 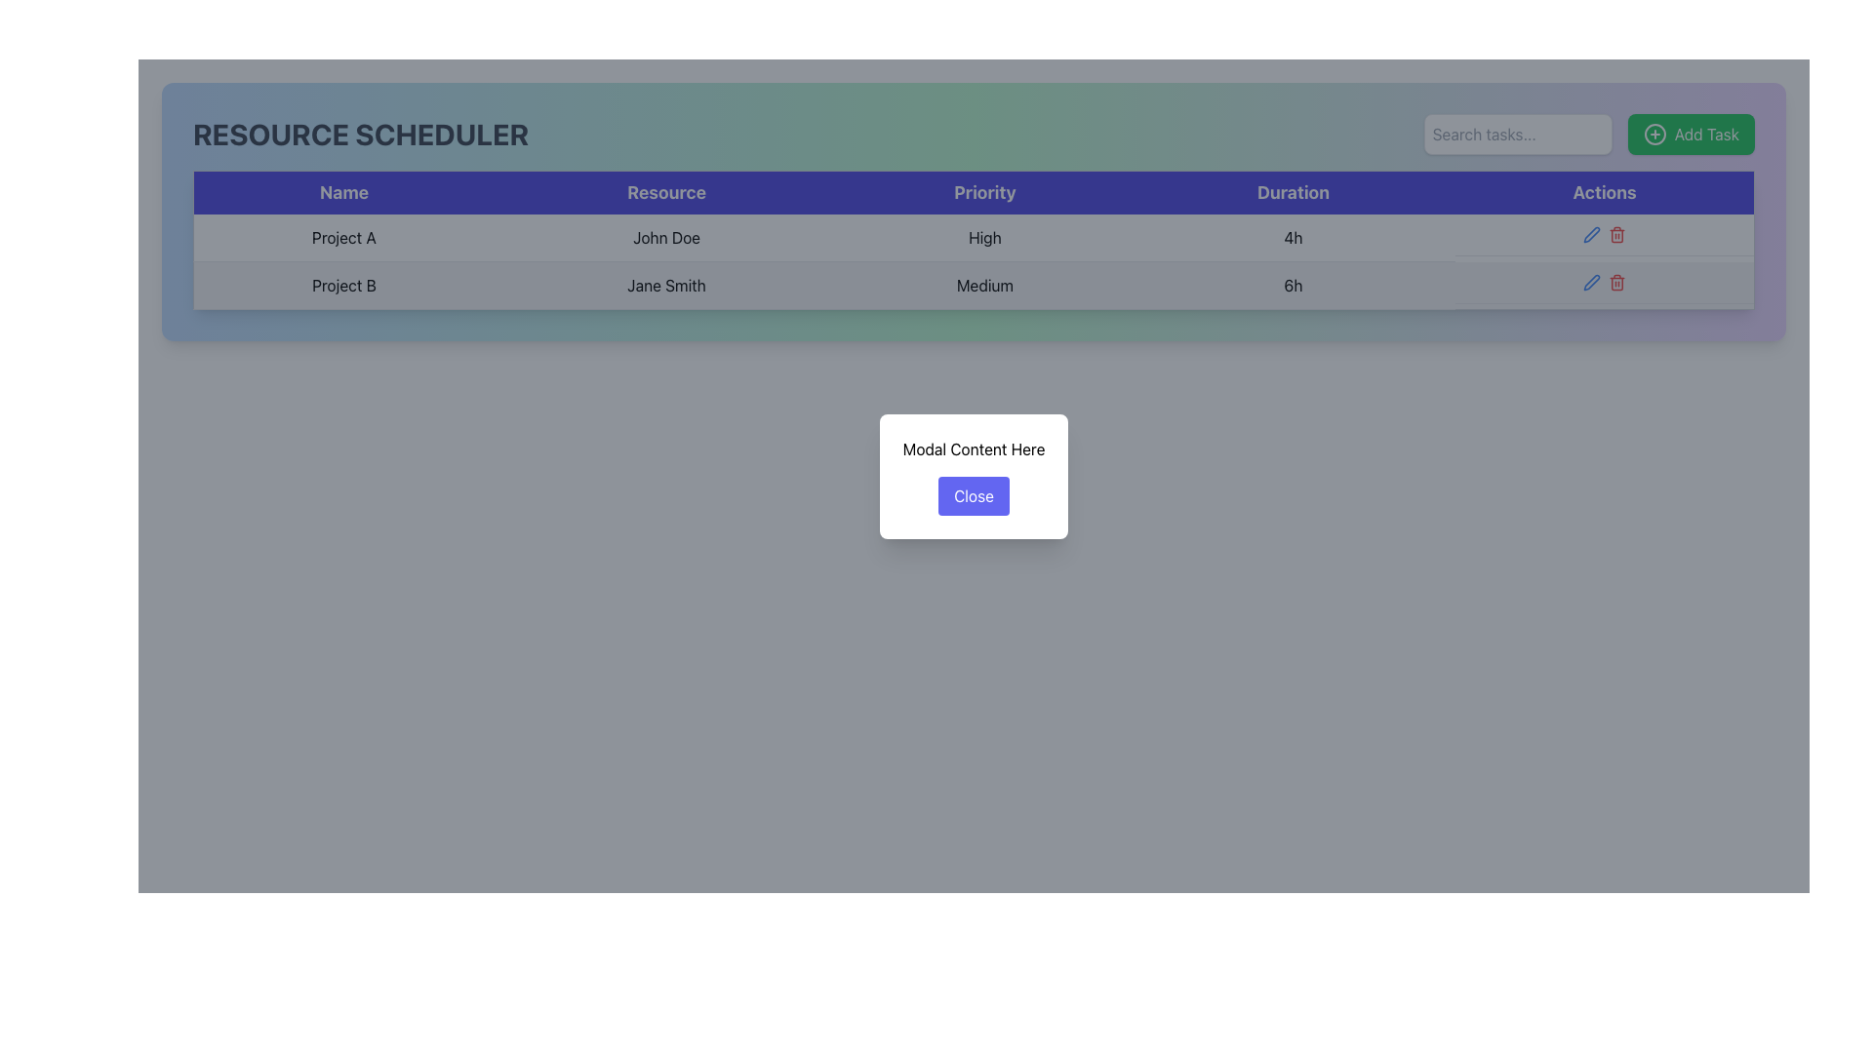 What do you see at coordinates (974, 237) in the screenshot?
I see `the priority level label in the third column of the first row of the table, located between 'John Doe' and '4h'` at bounding box center [974, 237].